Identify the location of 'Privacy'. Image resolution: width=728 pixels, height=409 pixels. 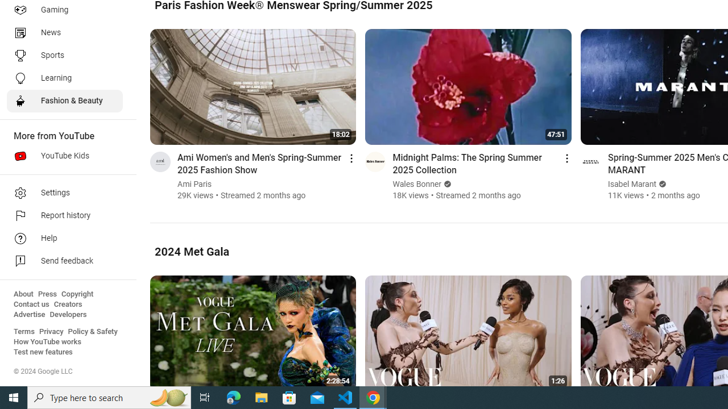
(51, 332).